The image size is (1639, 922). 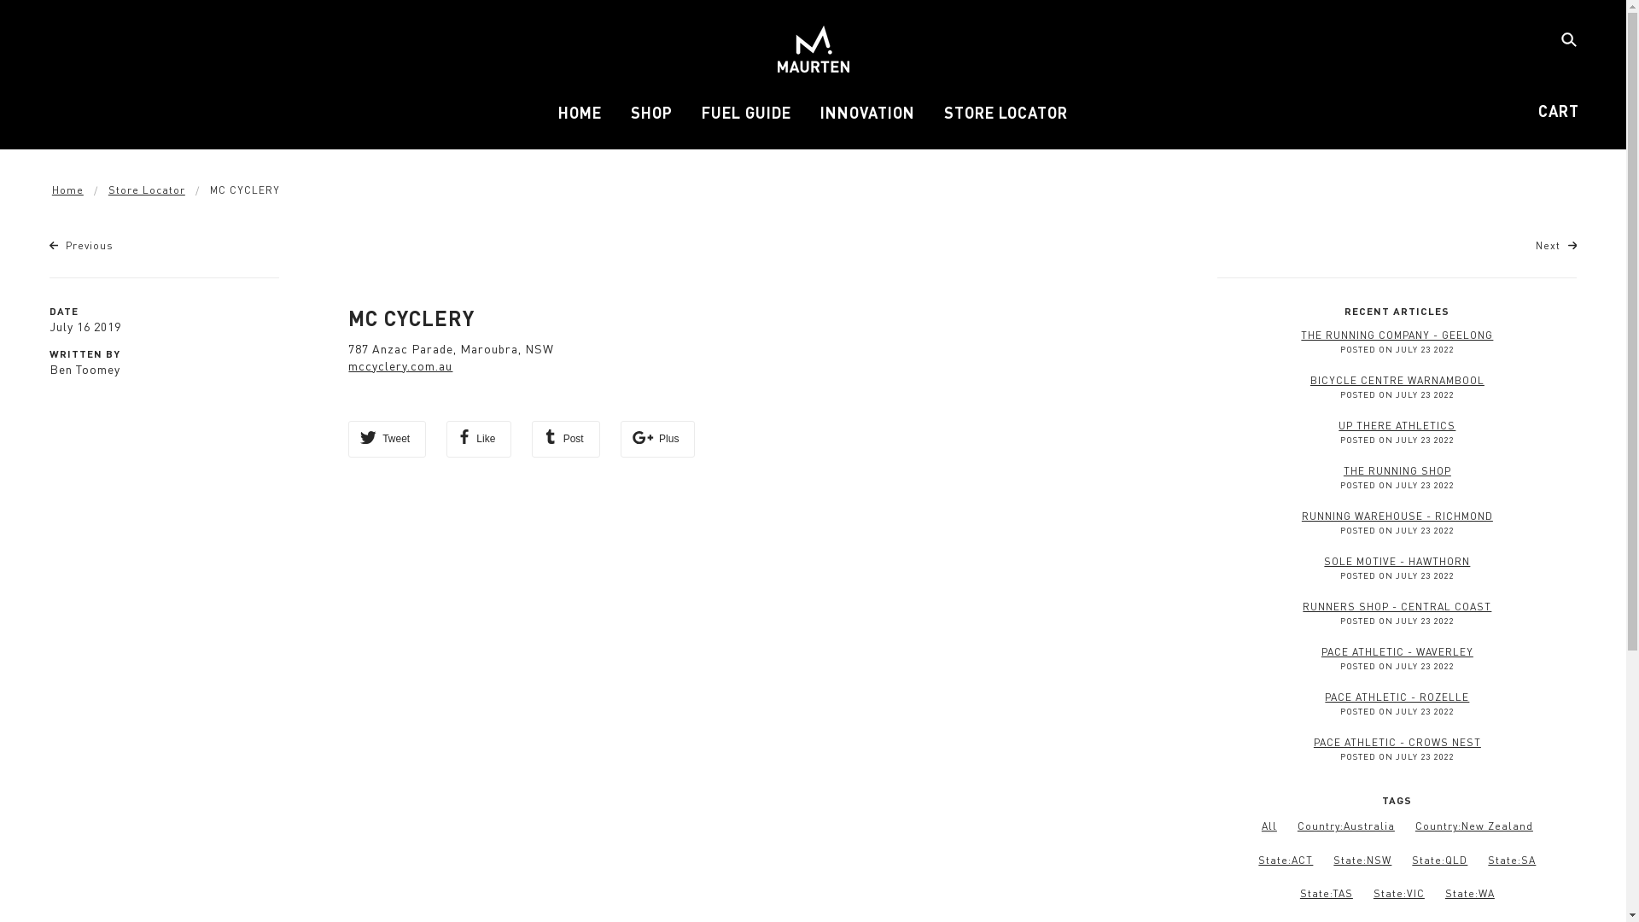 What do you see at coordinates (746, 118) in the screenshot?
I see `'FUEL GUIDE'` at bounding box center [746, 118].